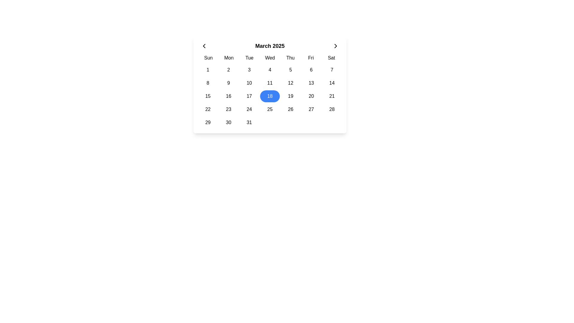 Image resolution: width=574 pixels, height=323 pixels. Describe the element at coordinates (332, 83) in the screenshot. I see `the interactive button displaying the number '14' in the calendar grid` at that location.